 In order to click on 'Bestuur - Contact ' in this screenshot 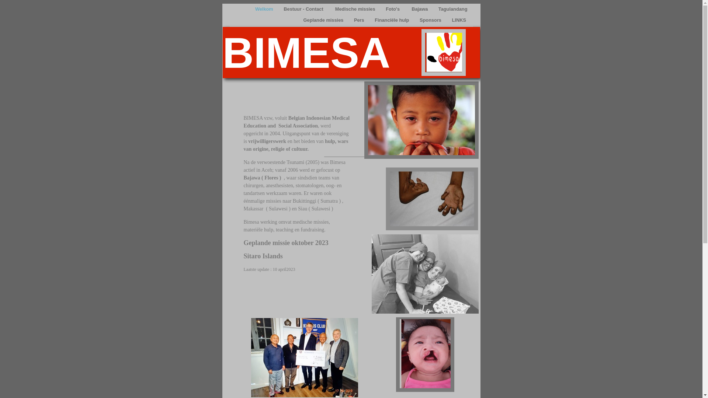, I will do `click(304, 9)`.